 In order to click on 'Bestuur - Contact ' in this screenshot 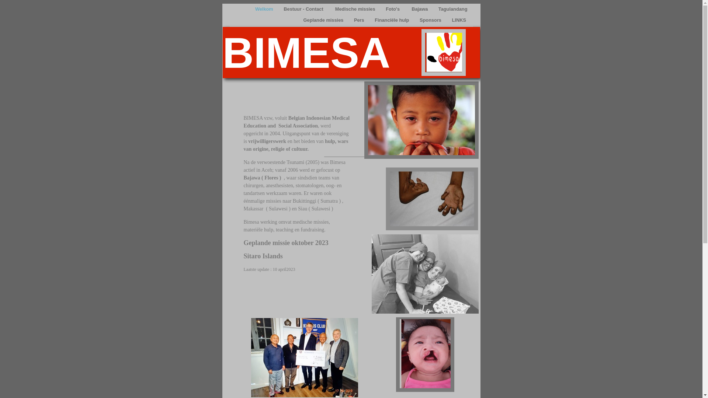, I will do `click(304, 9)`.